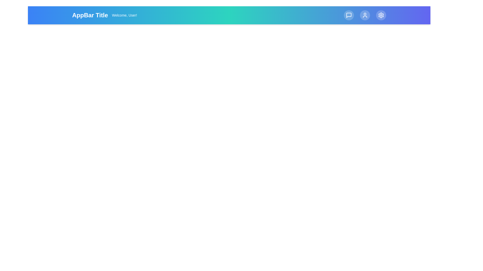 The width and height of the screenshot is (483, 271). I want to click on the 'Profile' button located at the top right of the app bar, so click(365, 15).